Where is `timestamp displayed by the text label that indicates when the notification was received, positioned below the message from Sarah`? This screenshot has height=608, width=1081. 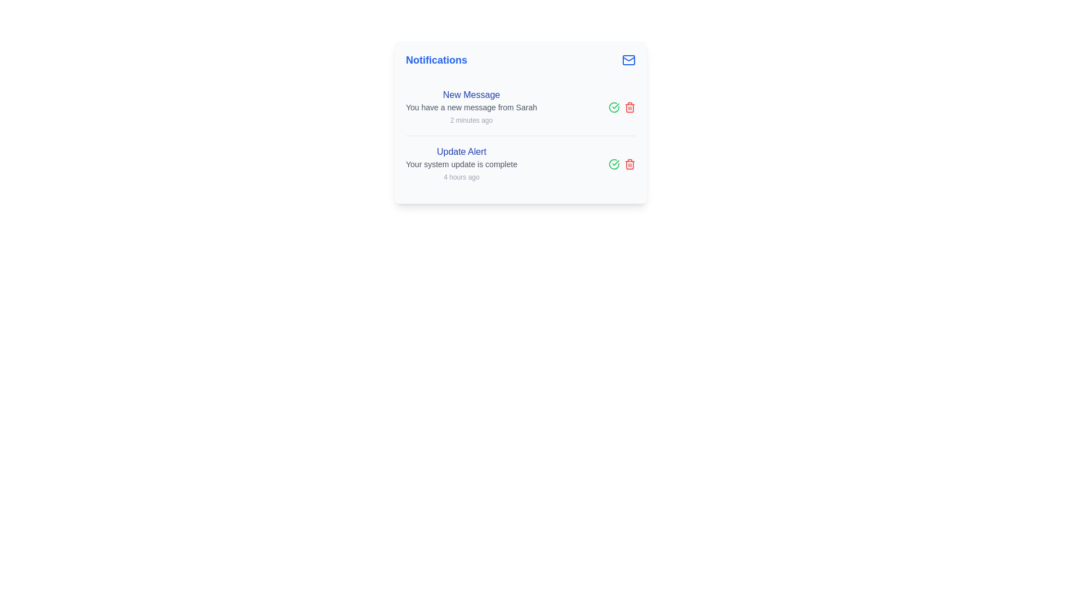 timestamp displayed by the text label that indicates when the notification was received, positioned below the message from Sarah is located at coordinates (471, 120).